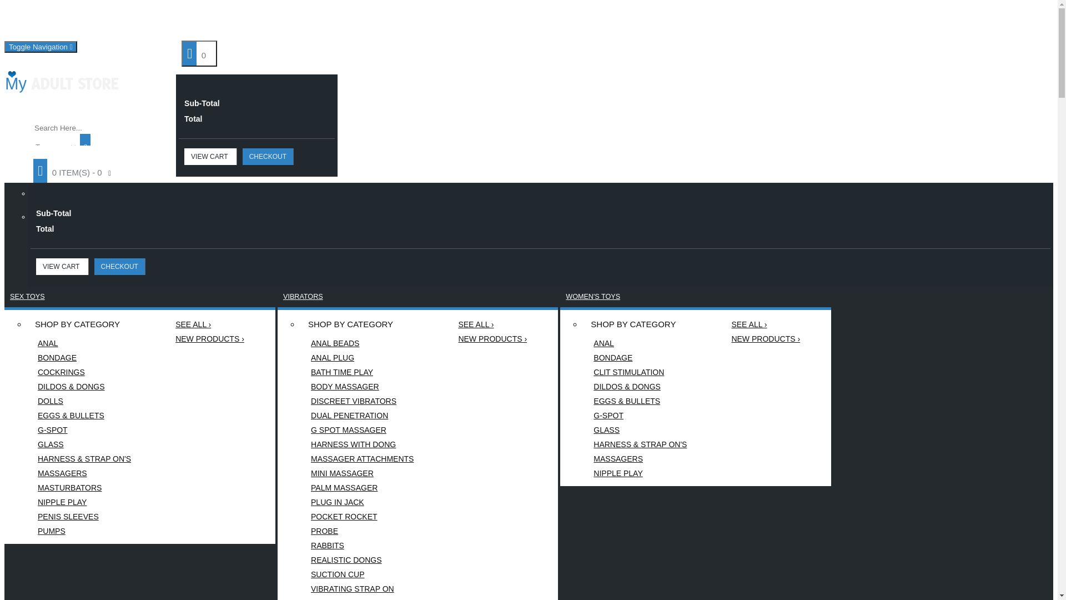 The image size is (1066, 600). I want to click on 'MASSAGER ATTACHMENTS', so click(362, 458).